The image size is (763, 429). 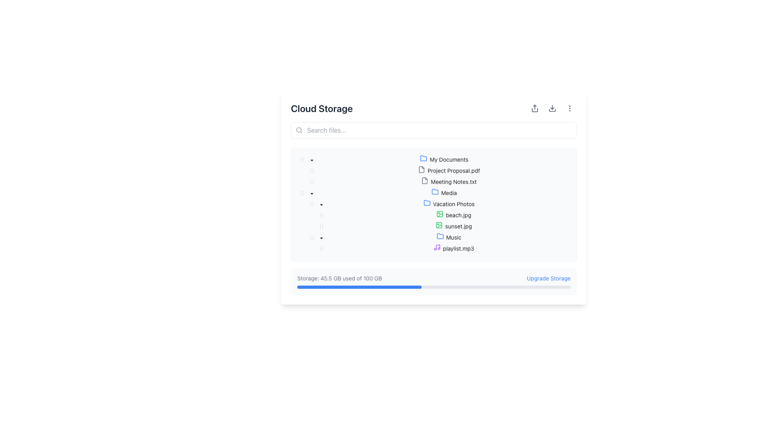 I want to click on the icon adjacent to the 'Vacation Photos' folder, so click(x=321, y=238).